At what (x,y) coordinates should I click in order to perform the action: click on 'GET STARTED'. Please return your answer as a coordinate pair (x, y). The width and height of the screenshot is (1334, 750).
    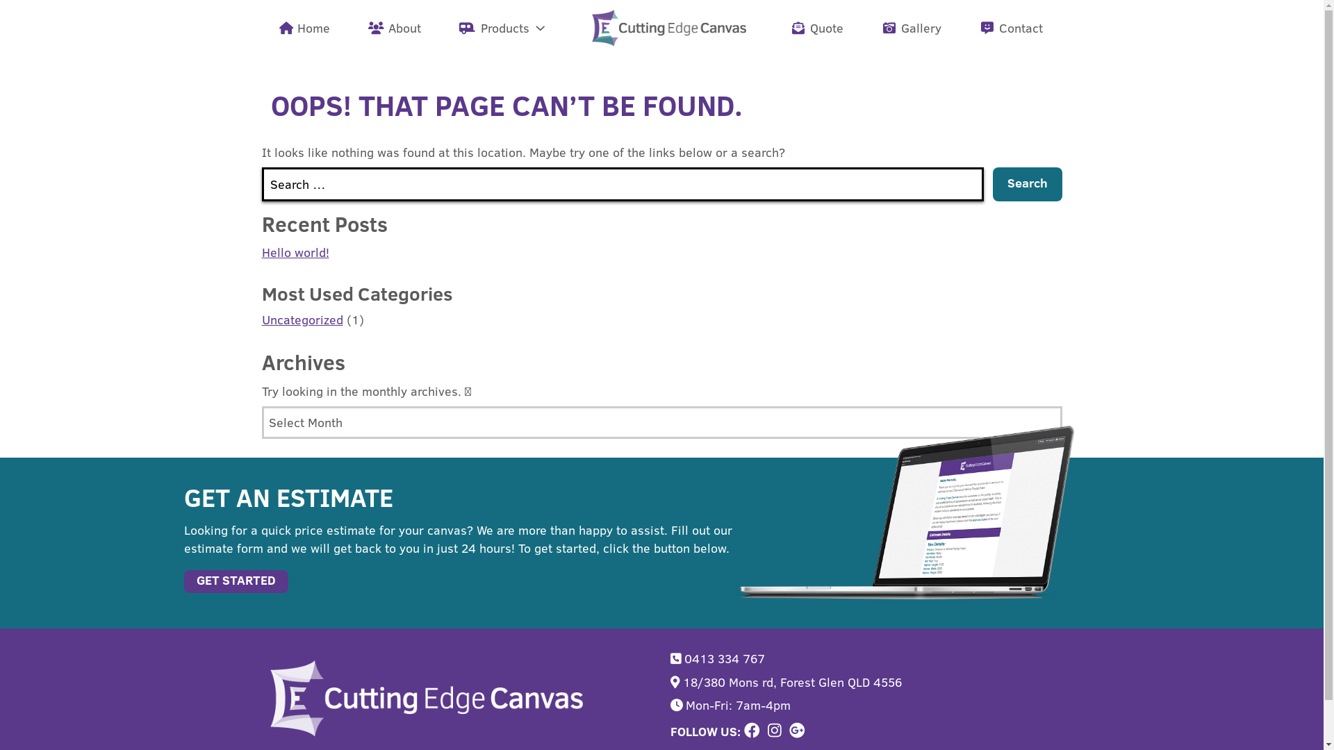
    Looking at the image, I should click on (236, 581).